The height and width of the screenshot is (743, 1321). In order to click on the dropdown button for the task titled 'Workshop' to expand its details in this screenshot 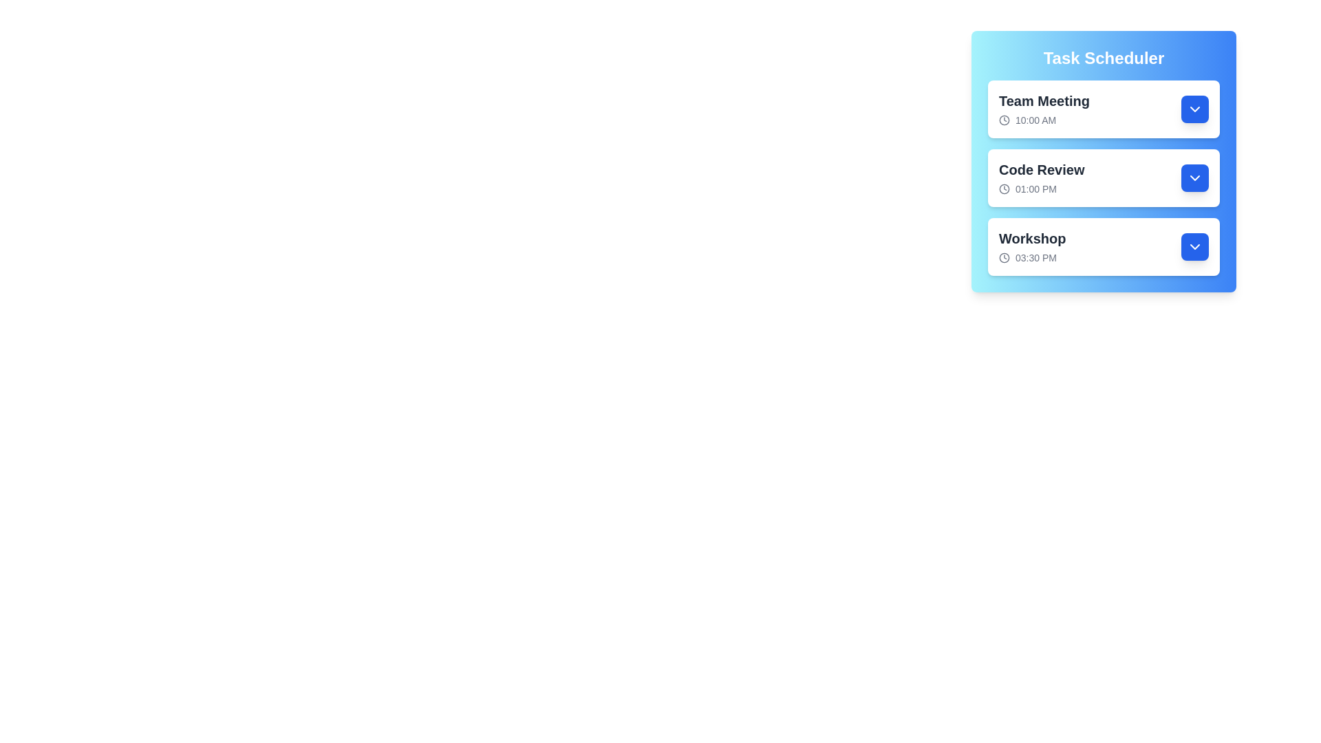, I will do `click(1194, 246)`.